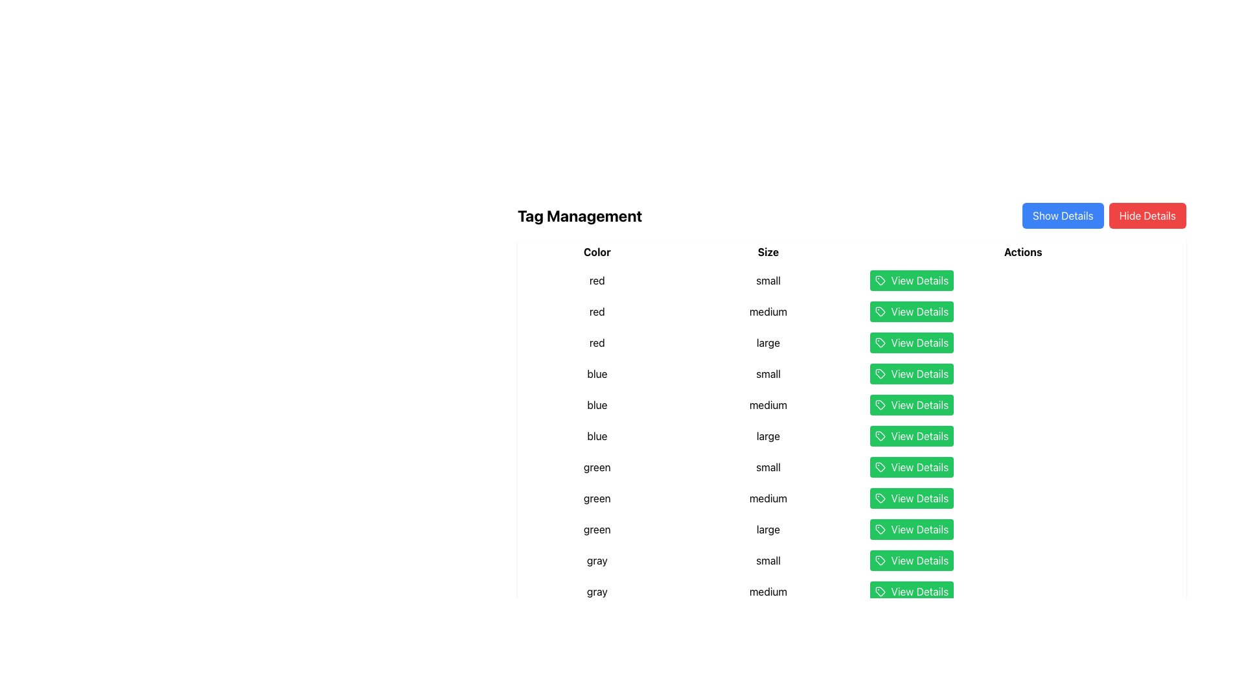 The image size is (1244, 700). Describe the element at coordinates (768, 559) in the screenshot. I see `text indicating the size attribute, which is 'small', located in the 'Size' column of the row where the 'Color' column displays 'gray'` at that location.